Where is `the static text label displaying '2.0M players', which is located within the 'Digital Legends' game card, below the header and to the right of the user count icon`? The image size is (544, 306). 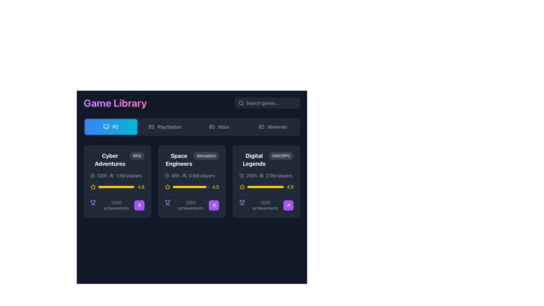 the static text label displaying '2.0M players', which is located within the 'Digital Legends' game card, below the header and to the right of the user count icon is located at coordinates (279, 175).